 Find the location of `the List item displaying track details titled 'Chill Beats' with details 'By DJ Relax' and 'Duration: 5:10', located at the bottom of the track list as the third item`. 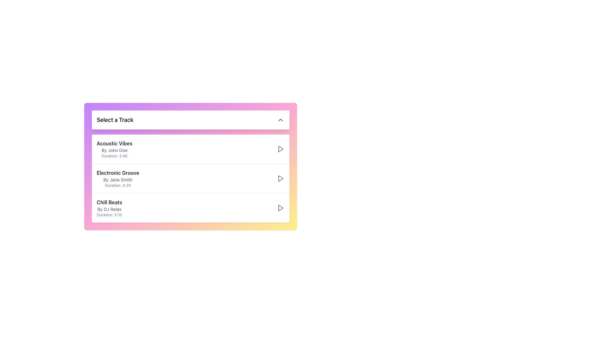

the List item displaying track details titled 'Chill Beats' with details 'By DJ Relax' and 'Duration: 5:10', located at the bottom of the track list as the third item is located at coordinates (190, 208).